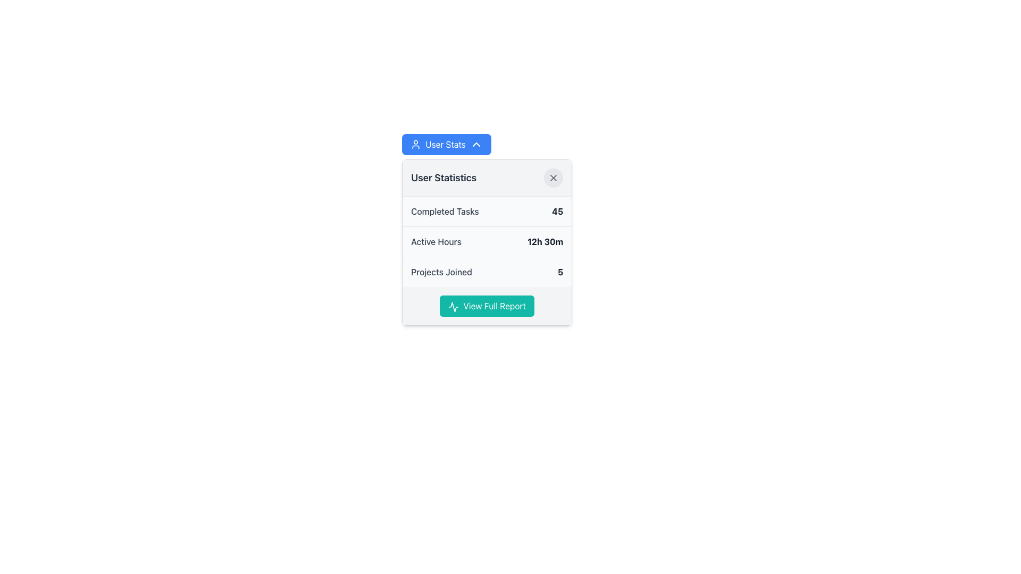  Describe the element at coordinates (560, 272) in the screenshot. I see `the numeric representation of the number of projects joined by the user, located in the third row of the 'User Statistics' section, to the right of the 'Projects Joined' text element` at that location.